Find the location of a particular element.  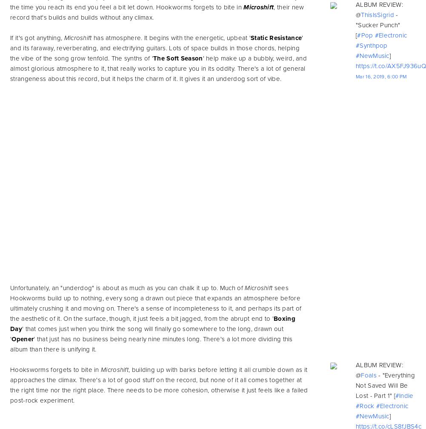

'' that comes just when you think the song will finally go somewhere to the long, drawn out '' is located at coordinates (146, 333).